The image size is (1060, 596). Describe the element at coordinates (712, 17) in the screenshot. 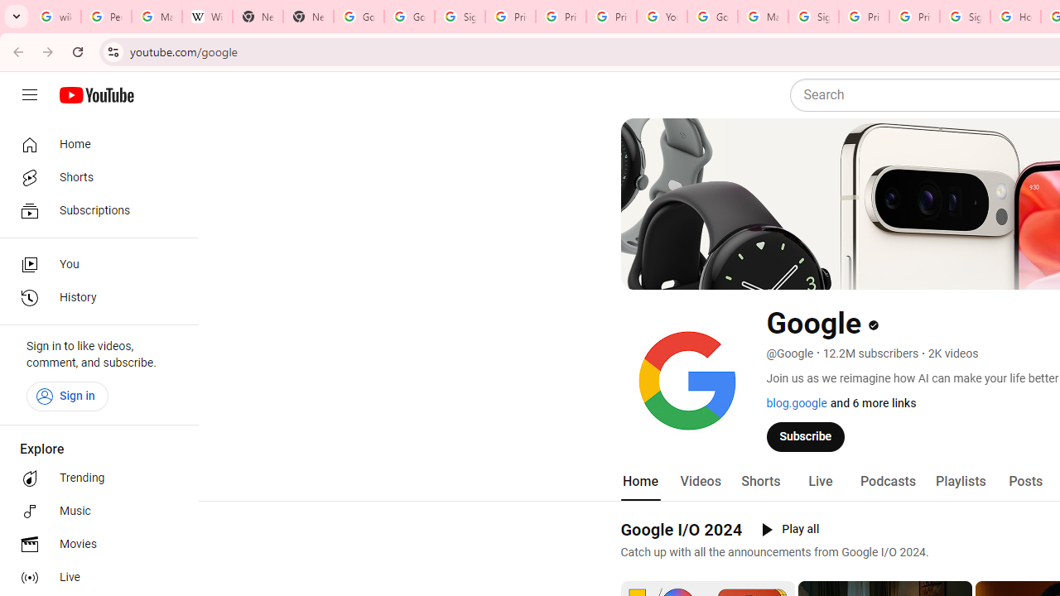

I see `'Google Account Help'` at that location.